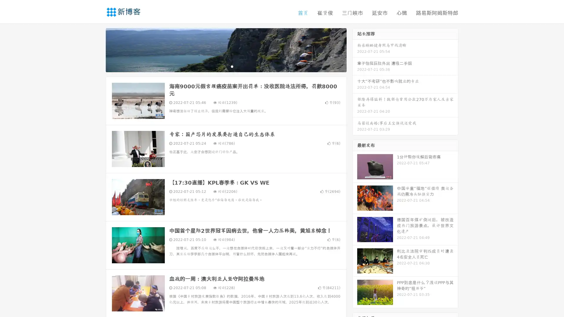 The image size is (564, 317). I want to click on Go to slide 2, so click(226, 66).